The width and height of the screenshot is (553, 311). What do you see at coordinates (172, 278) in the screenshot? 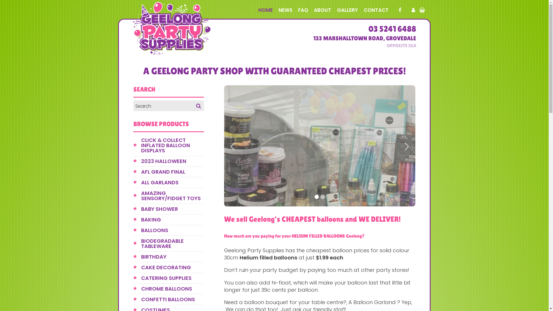
I see `'CATERING SUPPLIES'` at bounding box center [172, 278].